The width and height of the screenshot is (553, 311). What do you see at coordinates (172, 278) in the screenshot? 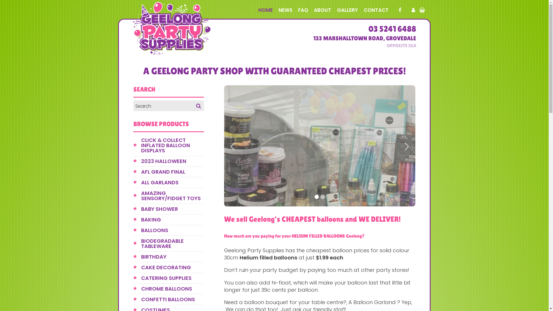
I see `'CATERING SUPPLIES'` at bounding box center [172, 278].